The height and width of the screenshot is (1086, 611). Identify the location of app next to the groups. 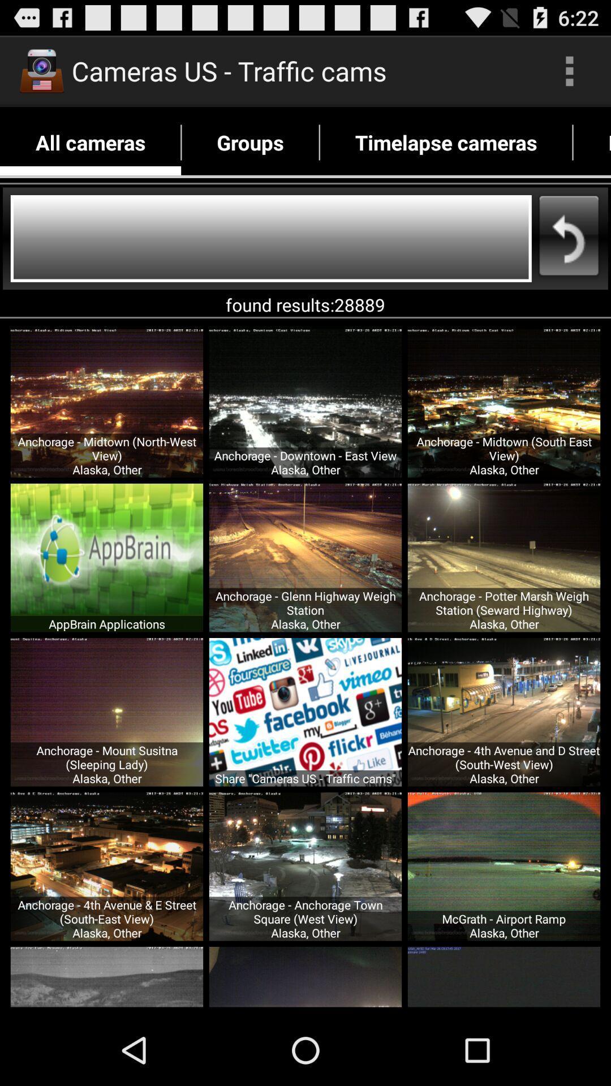
(90, 142).